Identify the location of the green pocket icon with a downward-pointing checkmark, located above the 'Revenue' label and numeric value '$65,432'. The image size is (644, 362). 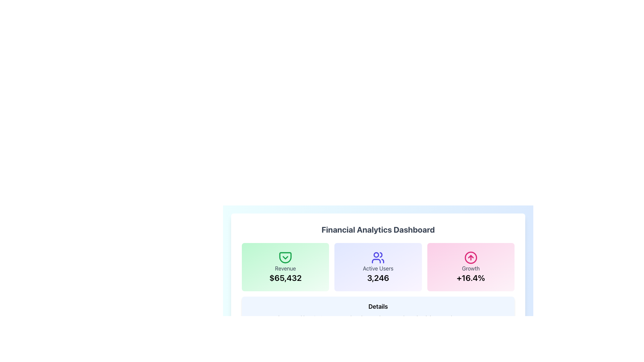
(285, 257).